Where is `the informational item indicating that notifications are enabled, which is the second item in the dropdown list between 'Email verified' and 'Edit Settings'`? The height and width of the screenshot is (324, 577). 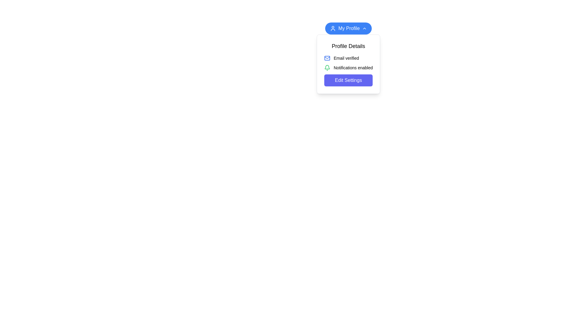 the informational item indicating that notifications are enabled, which is the second item in the dropdown list between 'Email verified' and 'Edit Settings' is located at coordinates (348, 67).